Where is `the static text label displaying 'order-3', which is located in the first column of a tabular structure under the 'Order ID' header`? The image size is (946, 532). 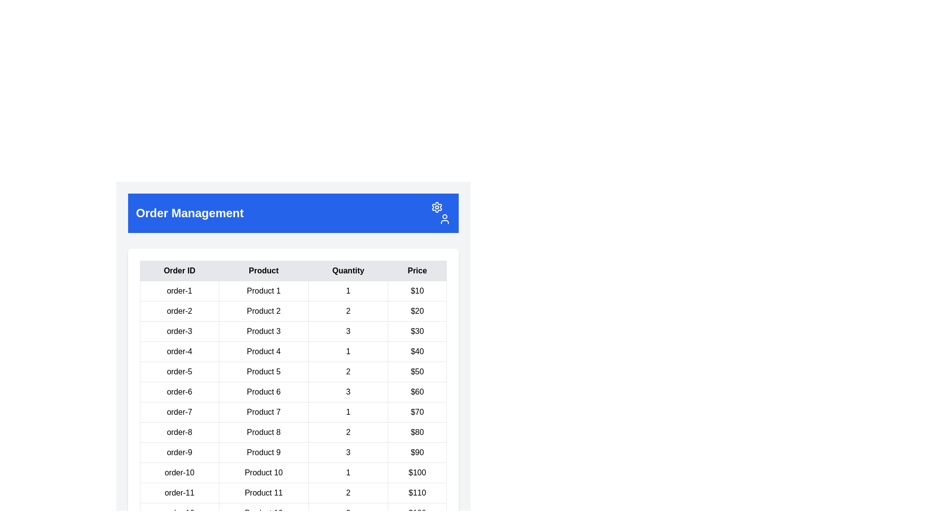
the static text label displaying 'order-3', which is located in the first column of a tabular structure under the 'Order ID' header is located at coordinates (179, 331).